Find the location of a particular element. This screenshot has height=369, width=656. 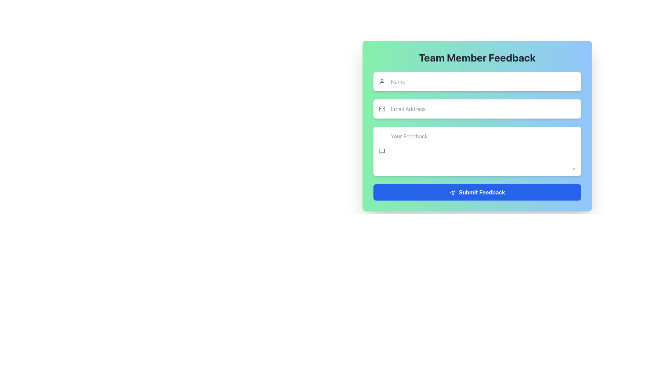

the user icon, which is styled in gray and located to the left of the 'Name' text input field in the 'Team Member Feedback' form is located at coordinates (382, 81).